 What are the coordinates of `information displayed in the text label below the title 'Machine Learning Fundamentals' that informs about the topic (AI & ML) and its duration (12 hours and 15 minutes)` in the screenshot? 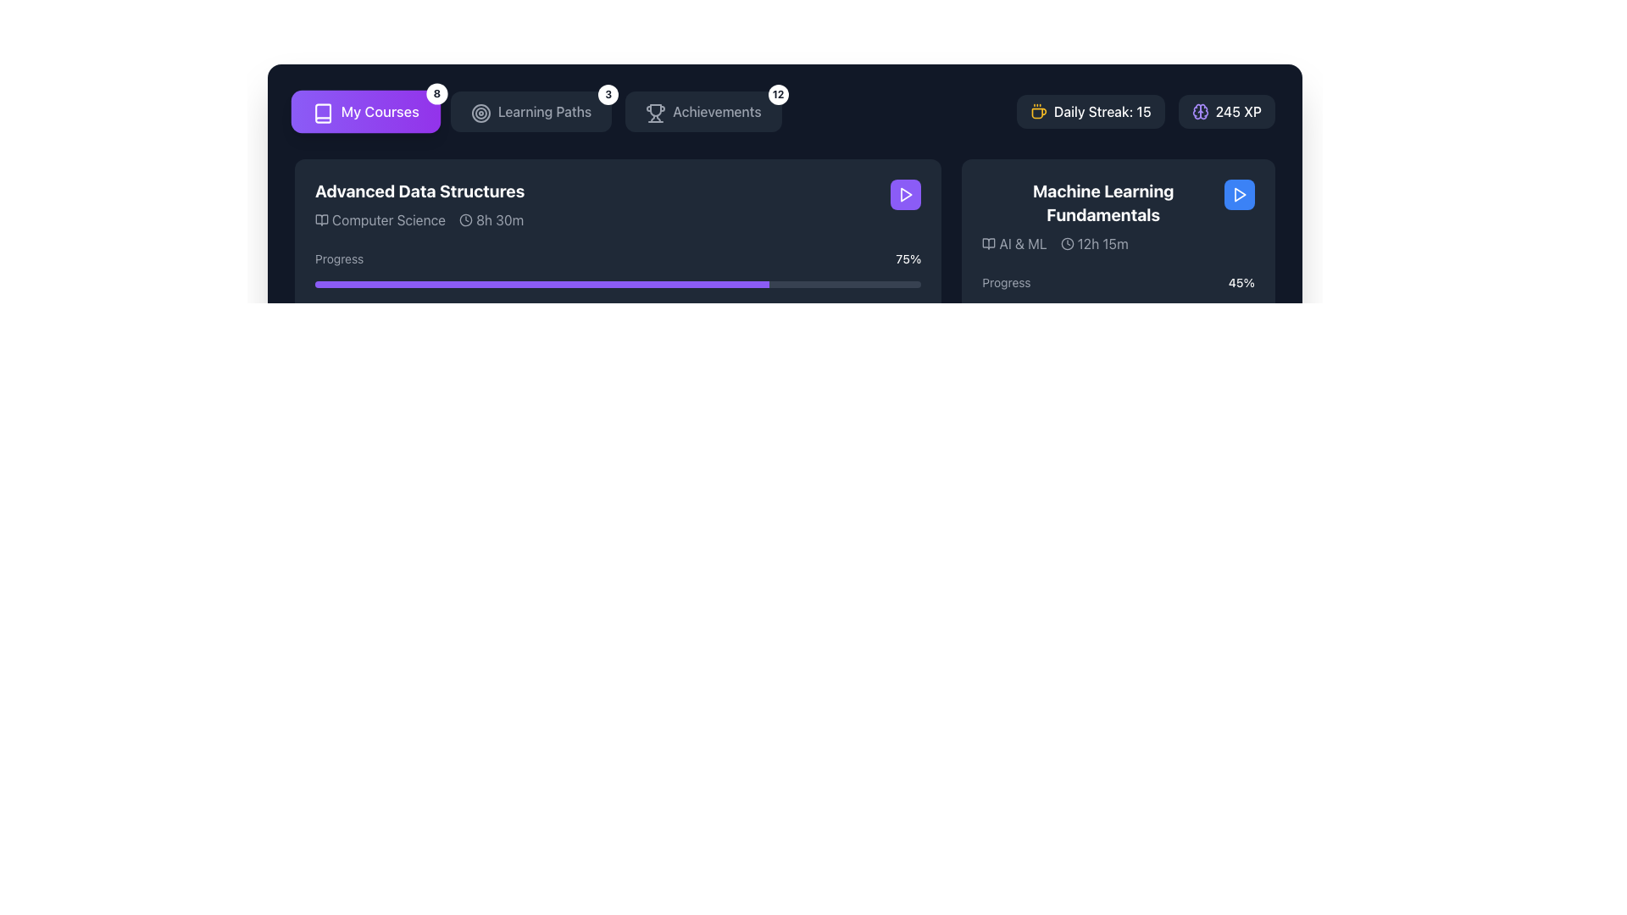 It's located at (1103, 244).